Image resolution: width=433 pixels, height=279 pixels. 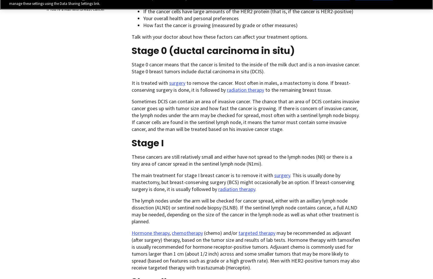 What do you see at coordinates (170, 233) in the screenshot?
I see `','` at bounding box center [170, 233].